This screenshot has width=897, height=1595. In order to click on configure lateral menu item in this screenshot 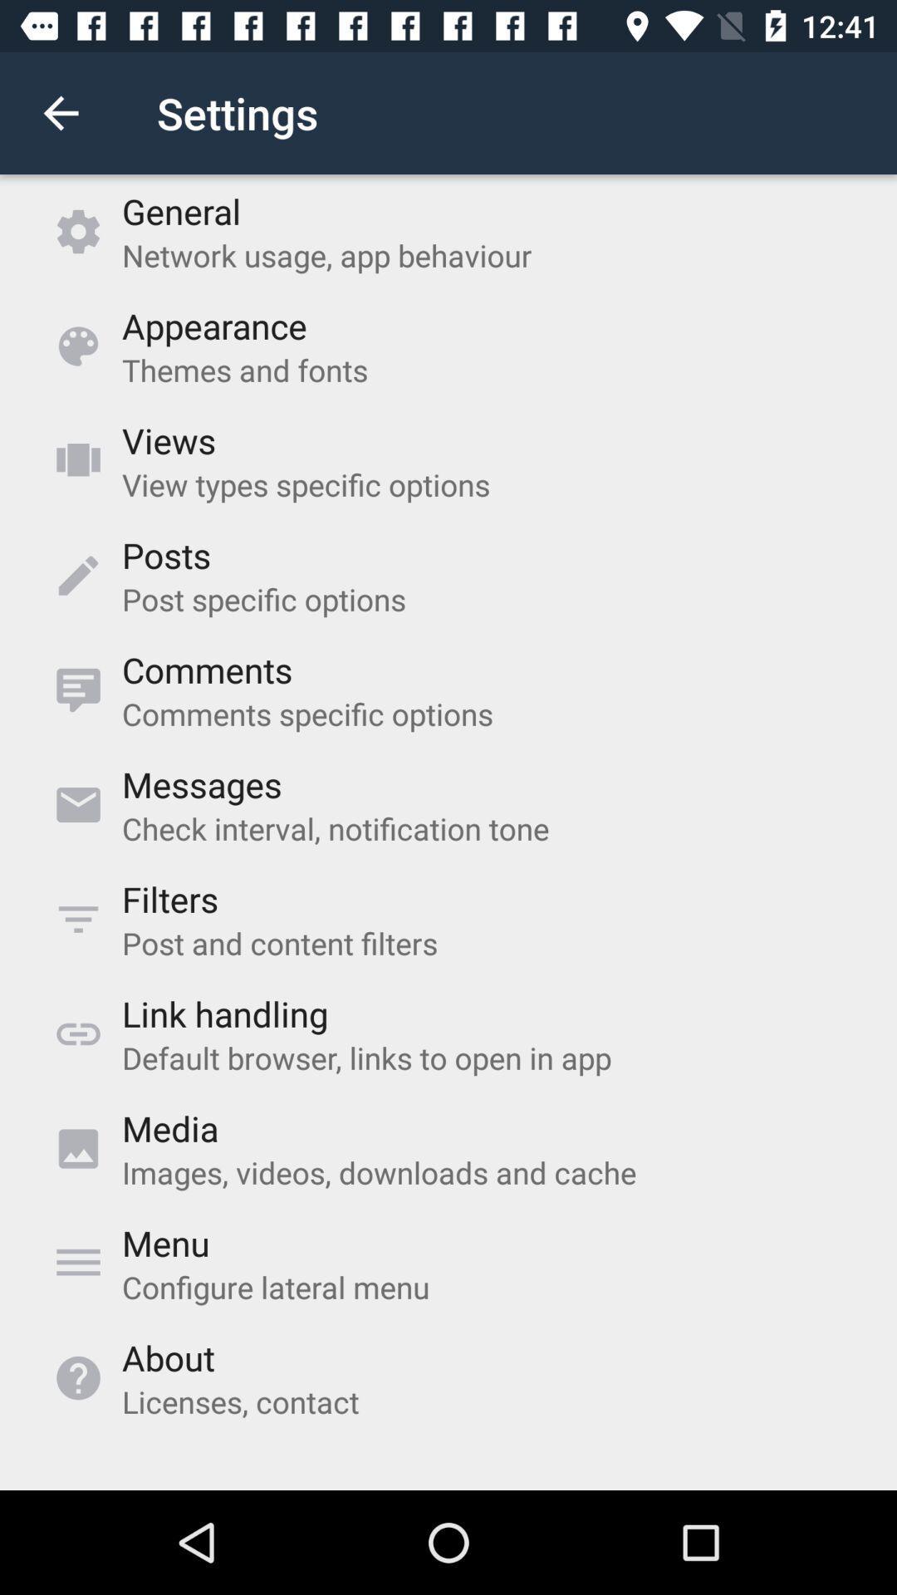, I will do `click(275, 1286)`.